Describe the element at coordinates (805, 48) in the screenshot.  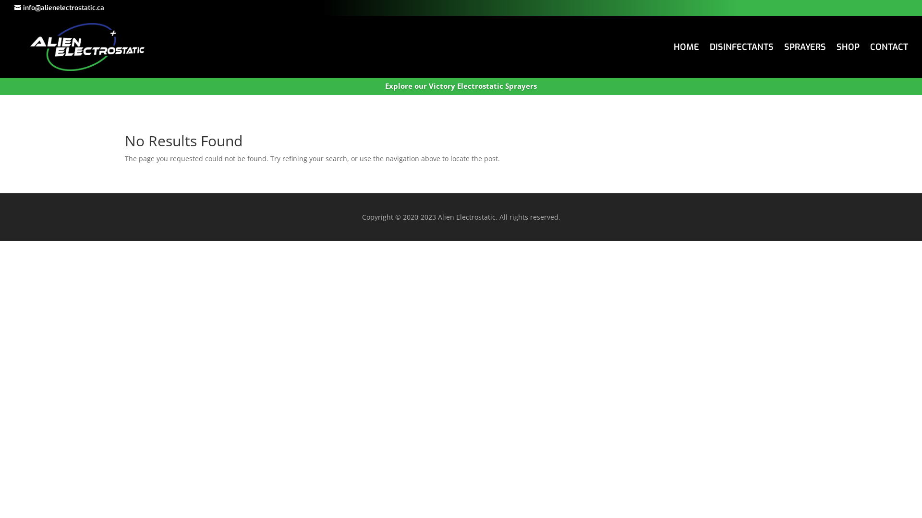
I see `'SPRAYERS'` at that location.